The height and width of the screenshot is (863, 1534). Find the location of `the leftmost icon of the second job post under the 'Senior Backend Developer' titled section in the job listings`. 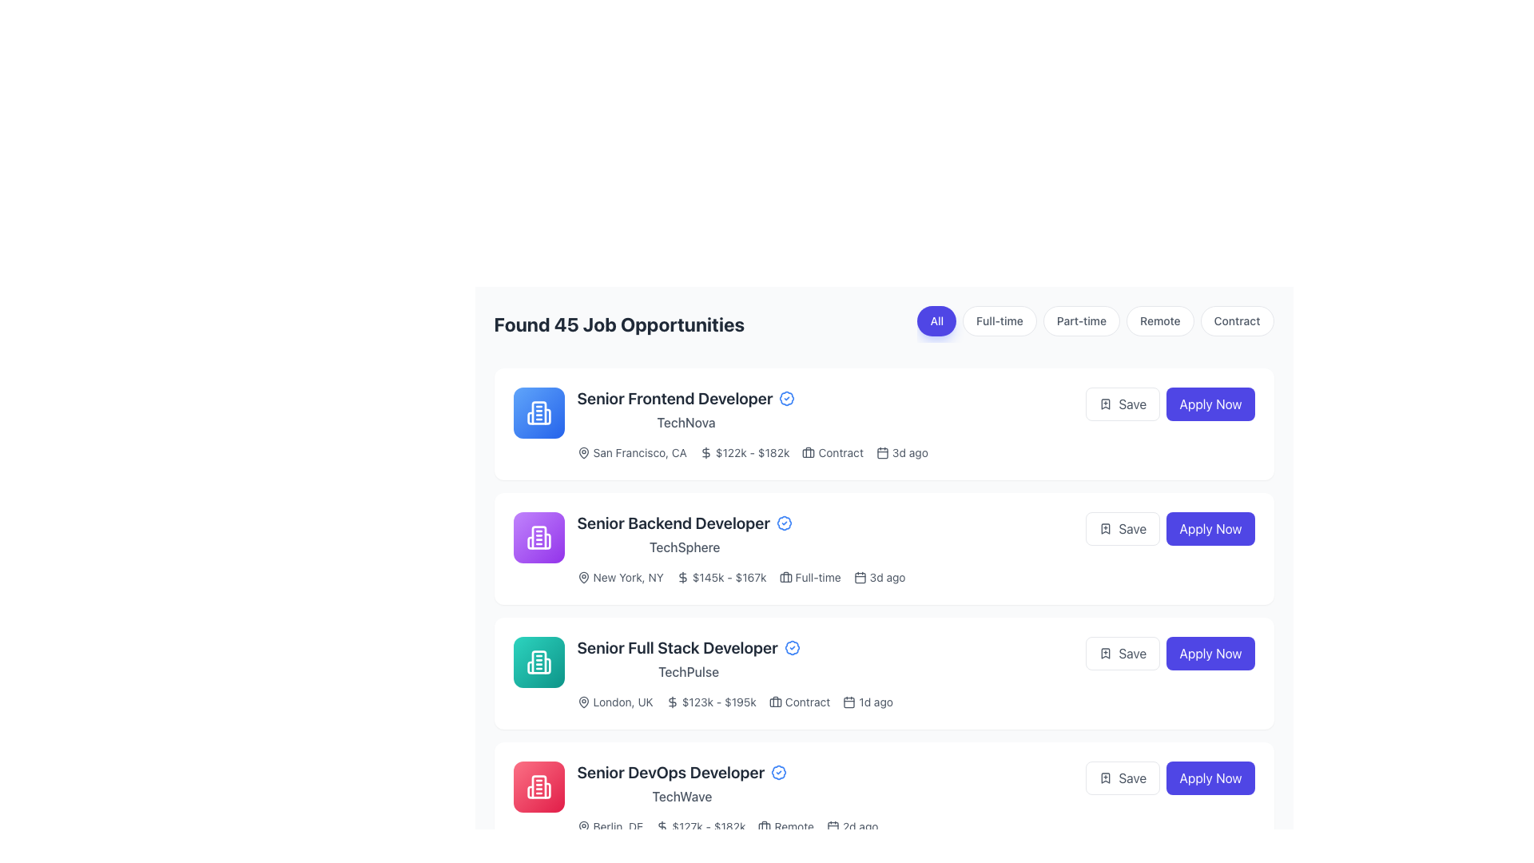

the leftmost icon of the second job post under the 'Senior Backend Developer' titled section in the job listings is located at coordinates (538, 537).